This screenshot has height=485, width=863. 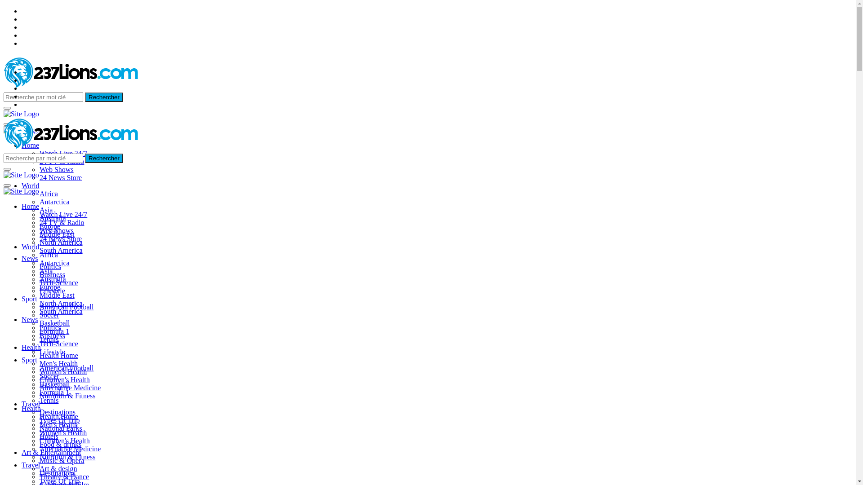 What do you see at coordinates (58, 416) in the screenshot?
I see `'Health Home'` at bounding box center [58, 416].